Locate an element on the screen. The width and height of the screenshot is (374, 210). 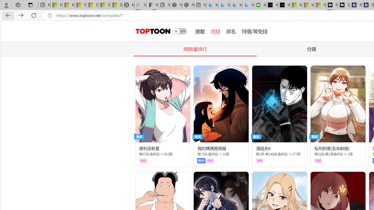
'Forward' is located at coordinates (21, 15).